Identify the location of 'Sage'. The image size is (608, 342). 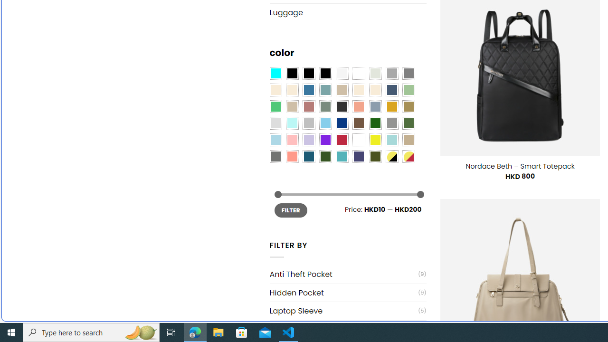
(325, 107).